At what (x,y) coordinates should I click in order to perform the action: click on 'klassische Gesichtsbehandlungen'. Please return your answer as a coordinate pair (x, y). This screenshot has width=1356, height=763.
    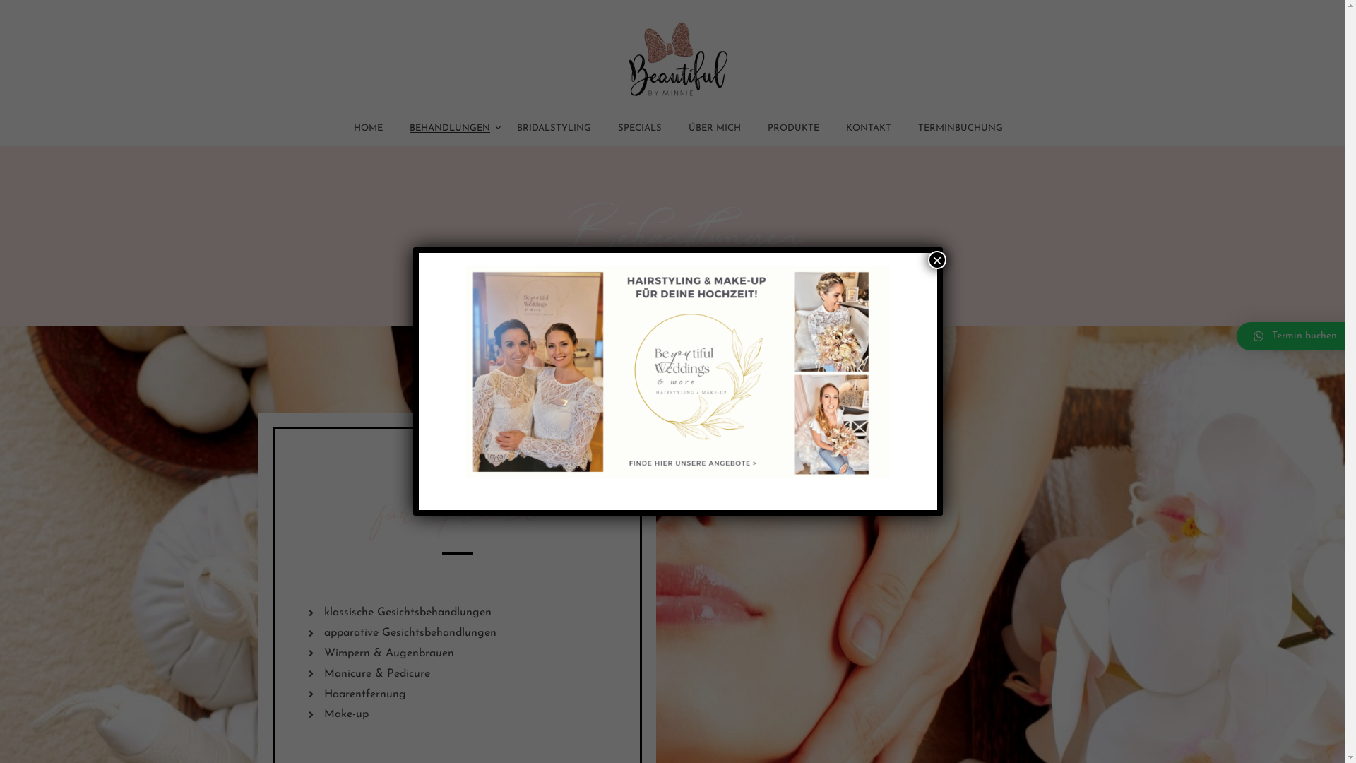
    Looking at the image, I should click on (457, 612).